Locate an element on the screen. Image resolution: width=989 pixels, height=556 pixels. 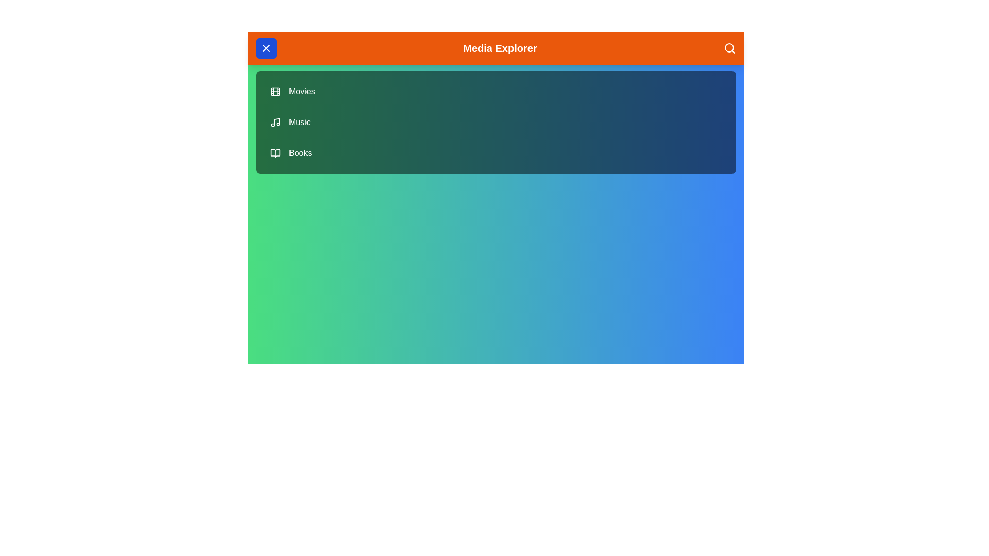
the menu item Books by clicking on it is located at coordinates (496, 153).